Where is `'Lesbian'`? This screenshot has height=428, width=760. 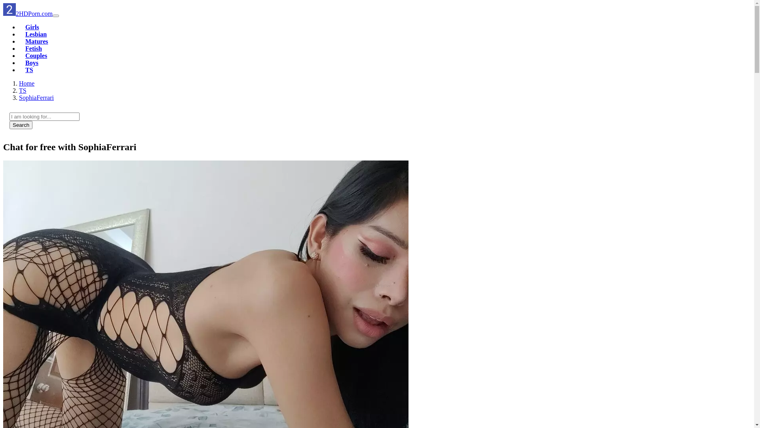
'Lesbian' is located at coordinates (36, 34).